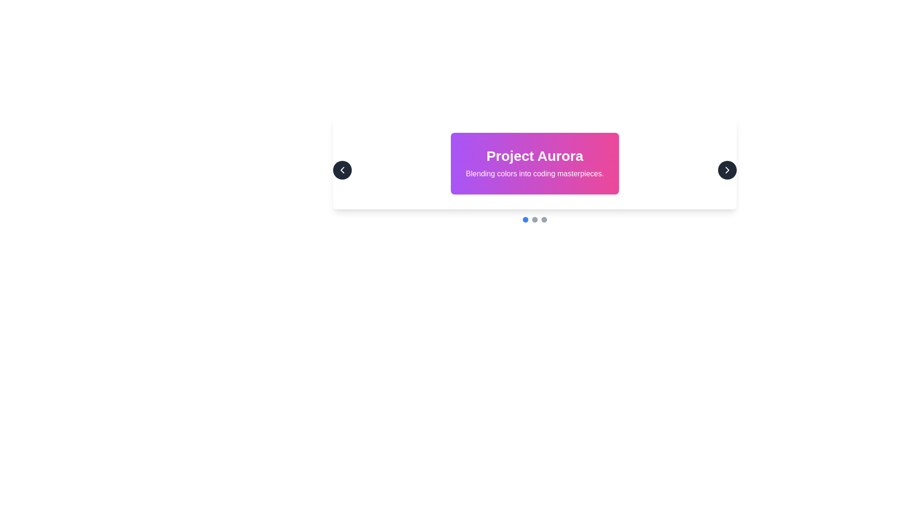 Image resolution: width=897 pixels, height=505 pixels. Describe the element at coordinates (726, 170) in the screenshot. I see `the white arrow icon inside the dark circular button located at the far right of the horizontally centered carousel interface to trigger effects` at that location.